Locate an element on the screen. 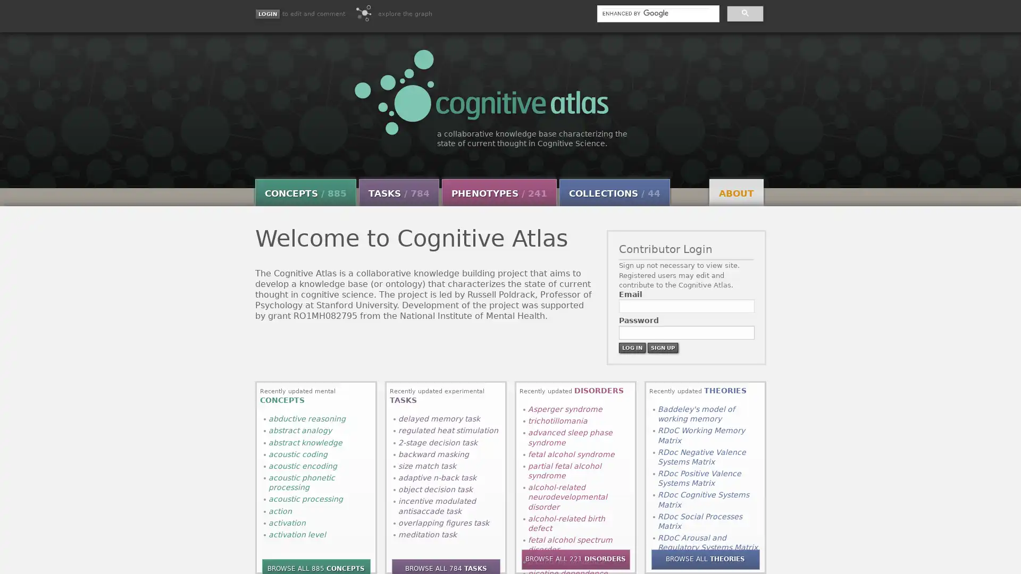 This screenshot has width=1021, height=574. SIGN UP is located at coordinates (662, 347).